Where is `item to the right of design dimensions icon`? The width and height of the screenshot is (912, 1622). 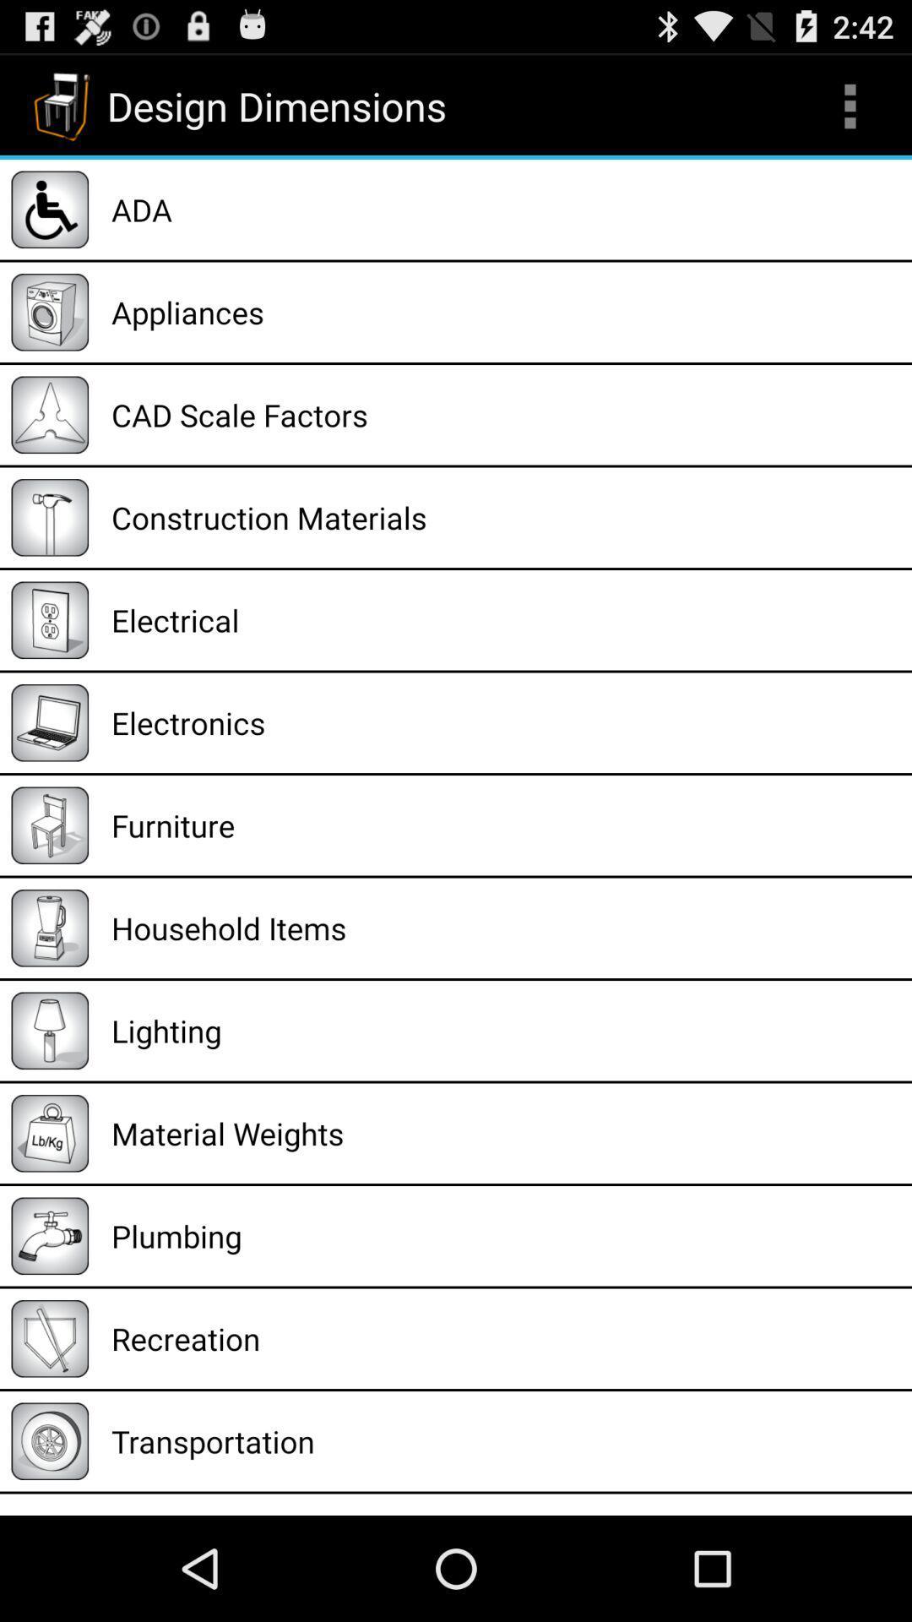
item to the right of design dimensions icon is located at coordinates (850, 105).